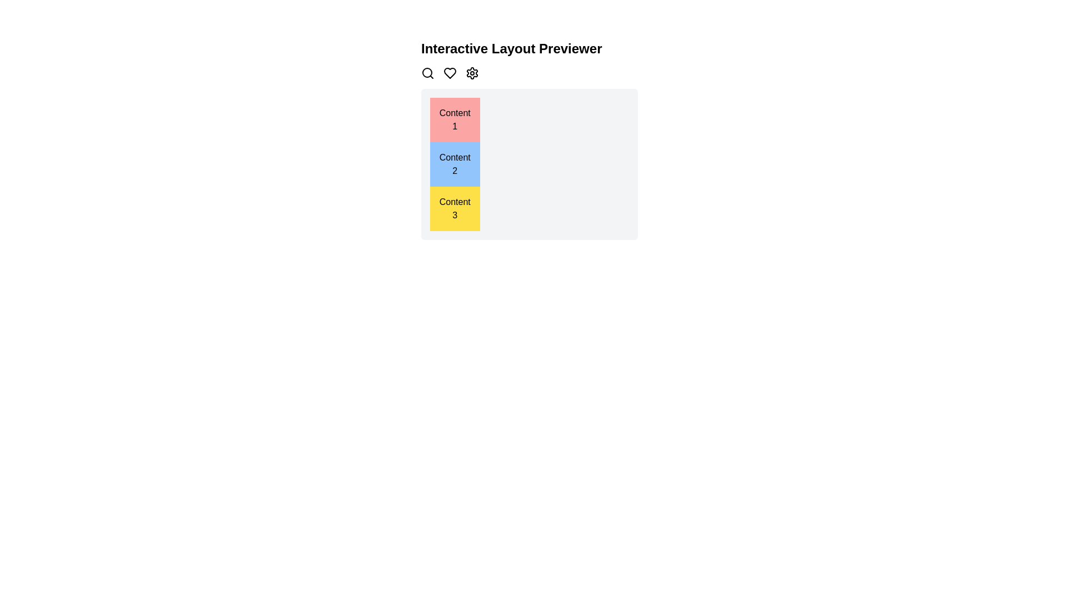  I want to click on text label that displays 'Interactive Layout Previewer' located at the top-center of the interface, so click(511, 48).